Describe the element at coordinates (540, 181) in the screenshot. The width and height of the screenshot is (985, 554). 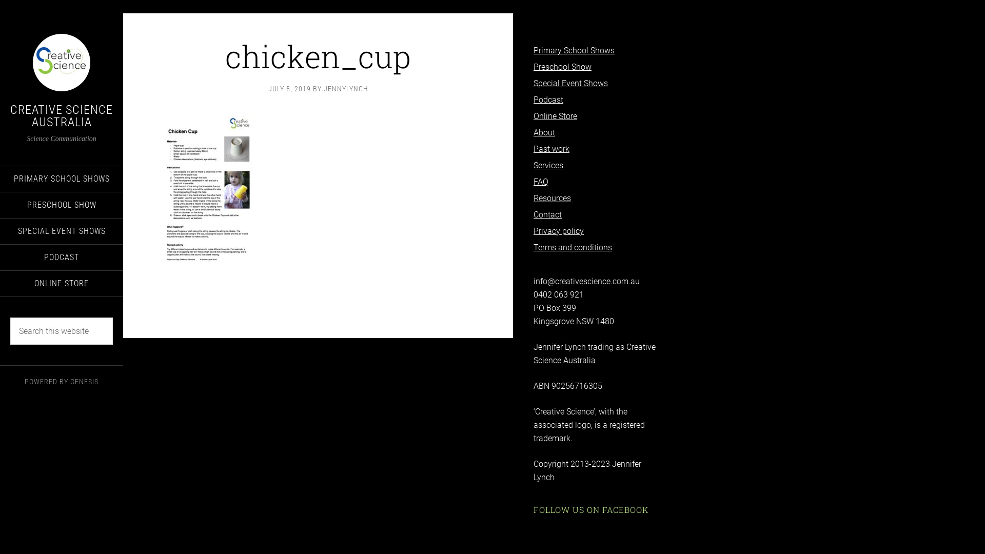
I see `'FAQ'` at that location.